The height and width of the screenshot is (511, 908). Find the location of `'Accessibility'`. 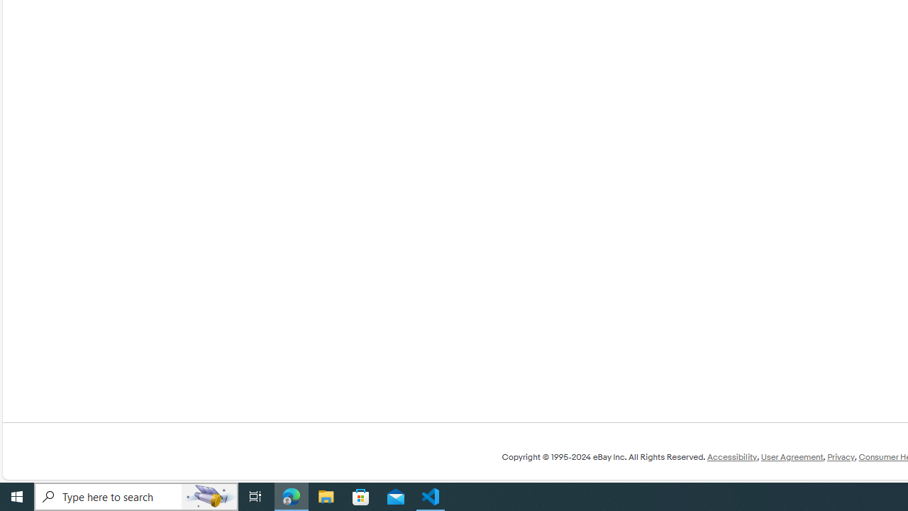

'Accessibility' is located at coordinates (731, 457).